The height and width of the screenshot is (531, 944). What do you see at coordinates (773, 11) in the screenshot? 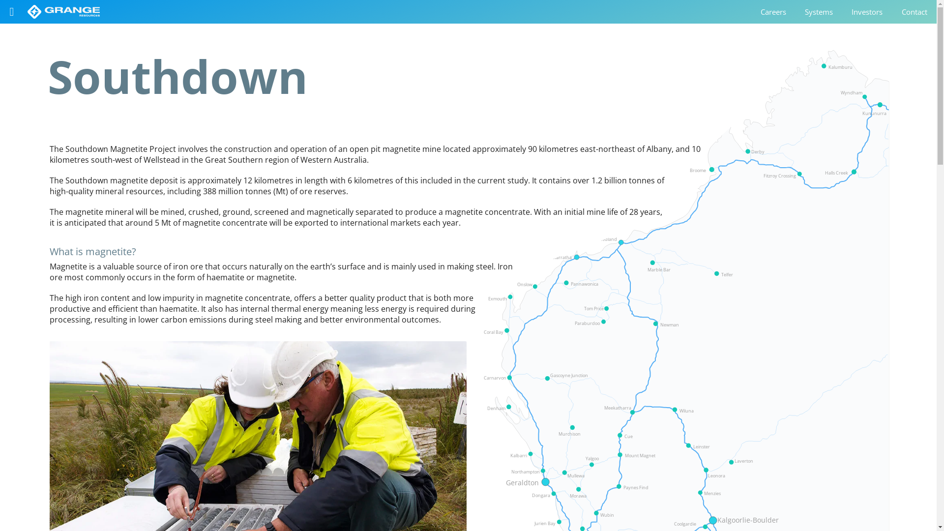
I see `'Careers'` at bounding box center [773, 11].